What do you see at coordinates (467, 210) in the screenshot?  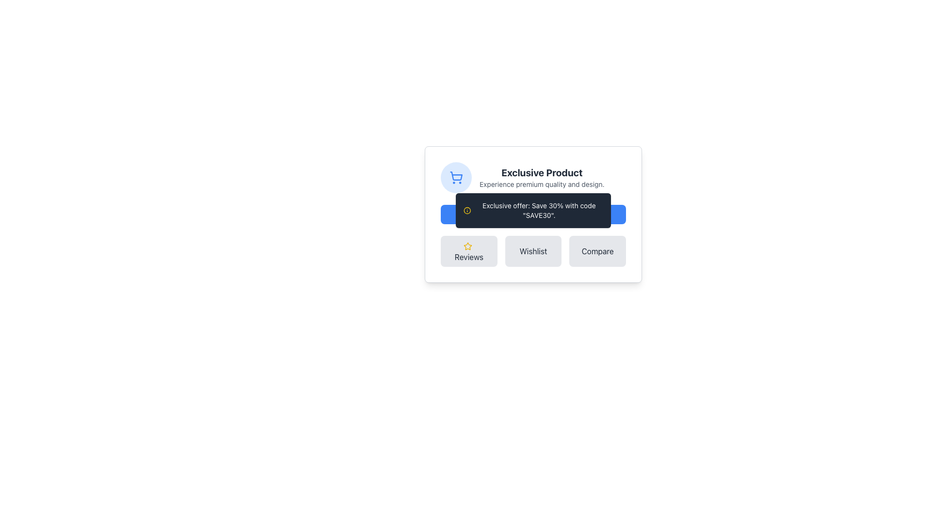 I see `the Circular SVG element that serves as a graphical indicator for the tooltip explaining the exclusive offer, located to the left of the text 'Exclusive offer: Save 30% with code "SAVE30"'` at bounding box center [467, 210].